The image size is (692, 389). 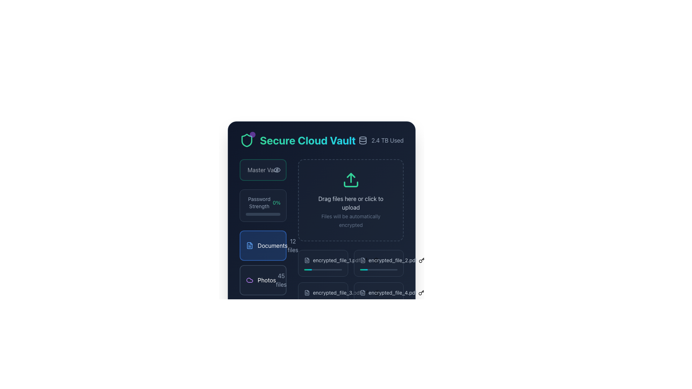 What do you see at coordinates (378, 269) in the screenshot?
I see `the progress bar indicating the status of the file 'encrypted_file_2.pdf' located at the bottom of the section` at bounding box center [378, 269].